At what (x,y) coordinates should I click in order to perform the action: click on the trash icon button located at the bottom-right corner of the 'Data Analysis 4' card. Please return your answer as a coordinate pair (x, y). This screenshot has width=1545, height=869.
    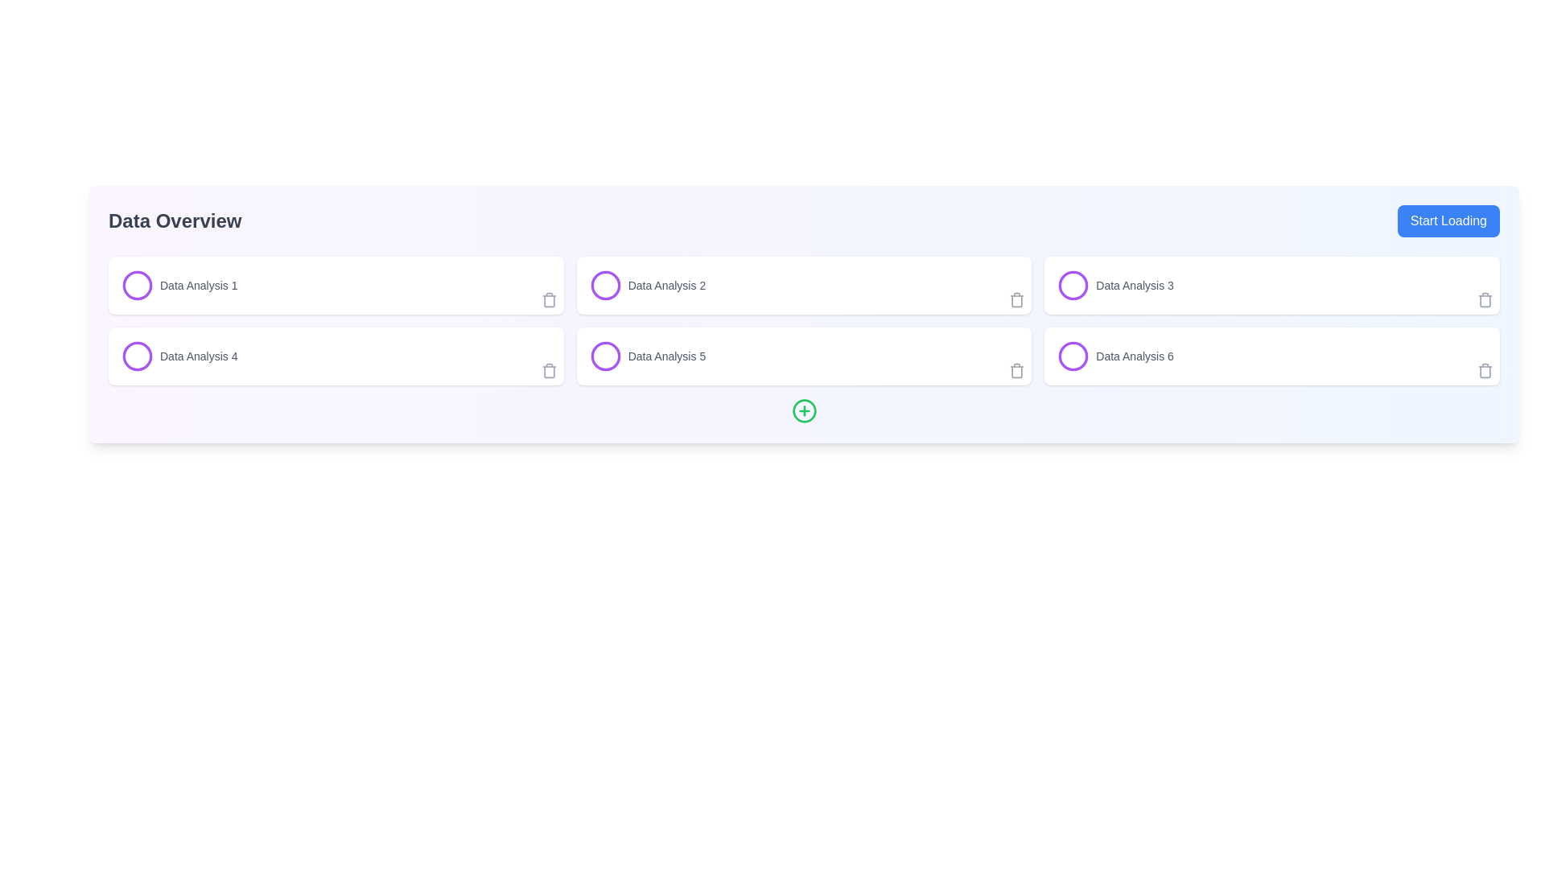
    Looking at the image, I should click on (549, 371).